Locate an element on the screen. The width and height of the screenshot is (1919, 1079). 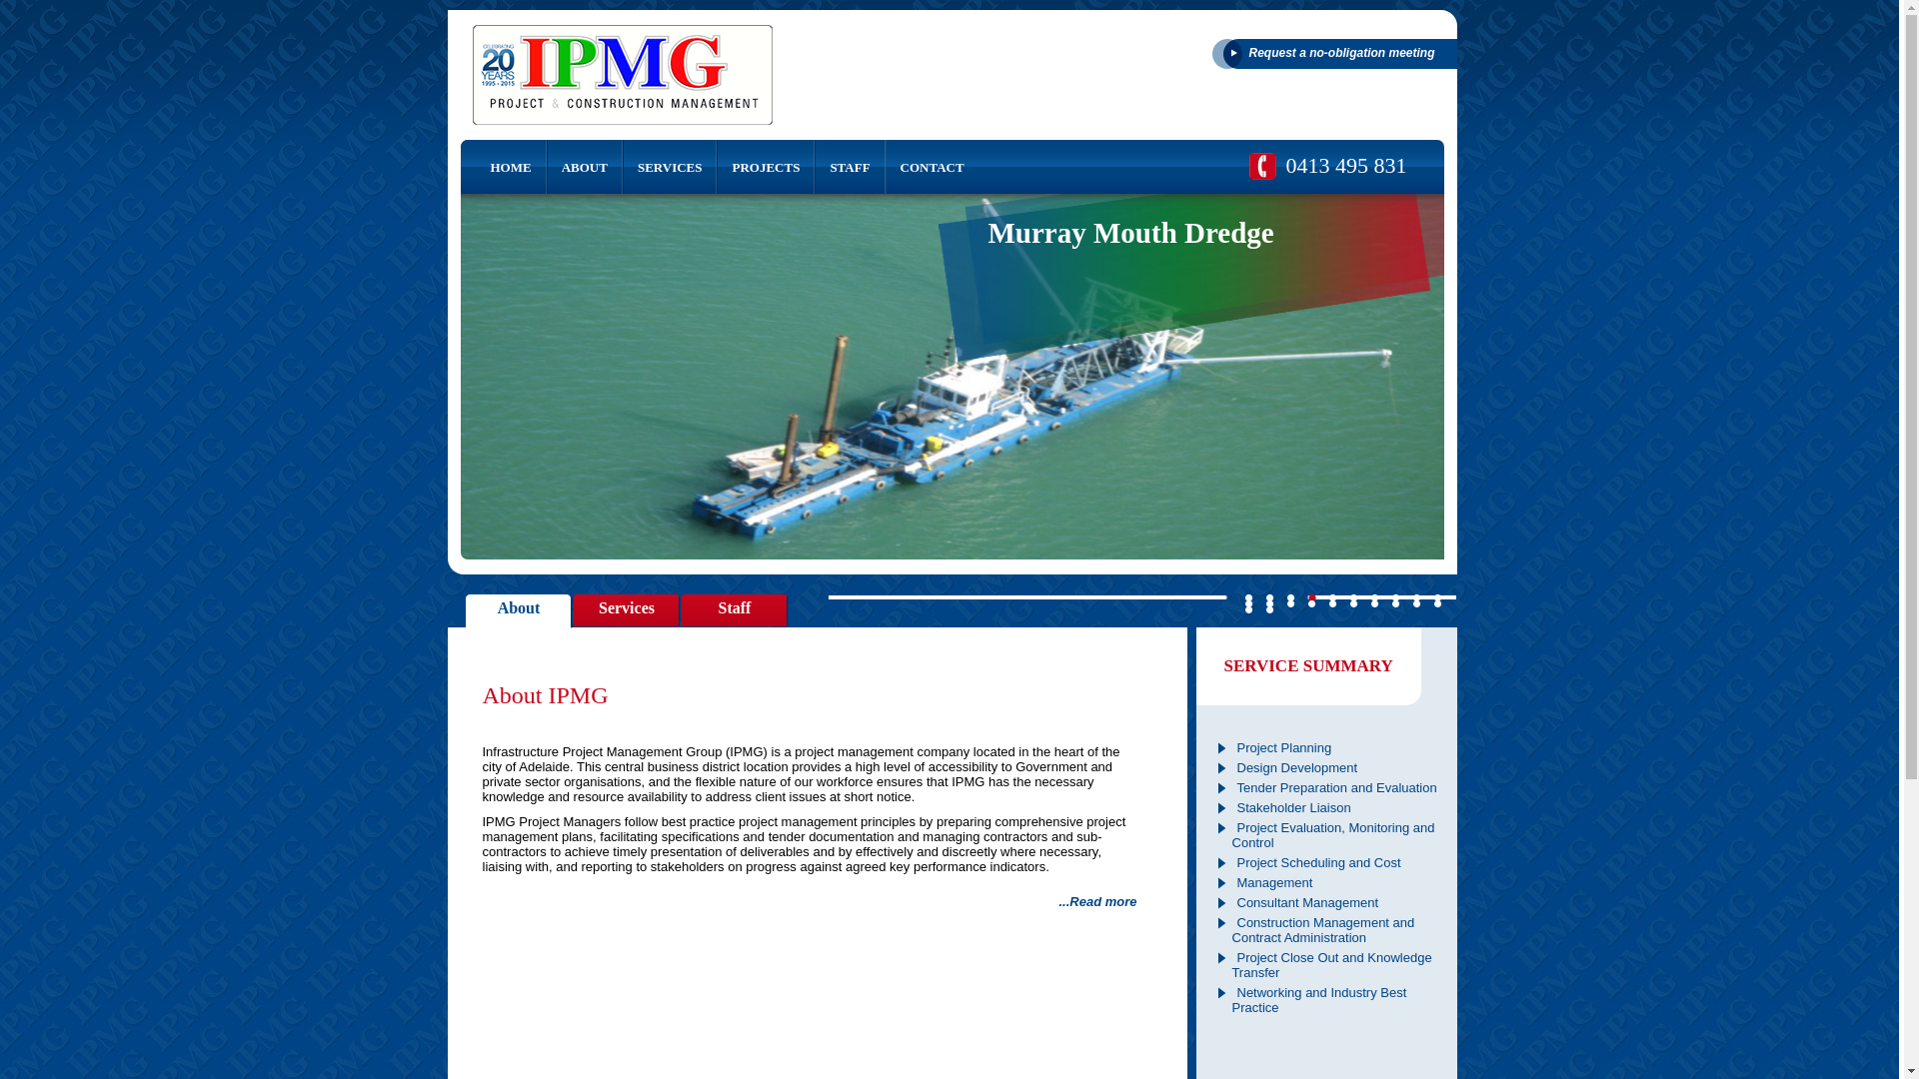
'About' is located at coordinates (519, 610).